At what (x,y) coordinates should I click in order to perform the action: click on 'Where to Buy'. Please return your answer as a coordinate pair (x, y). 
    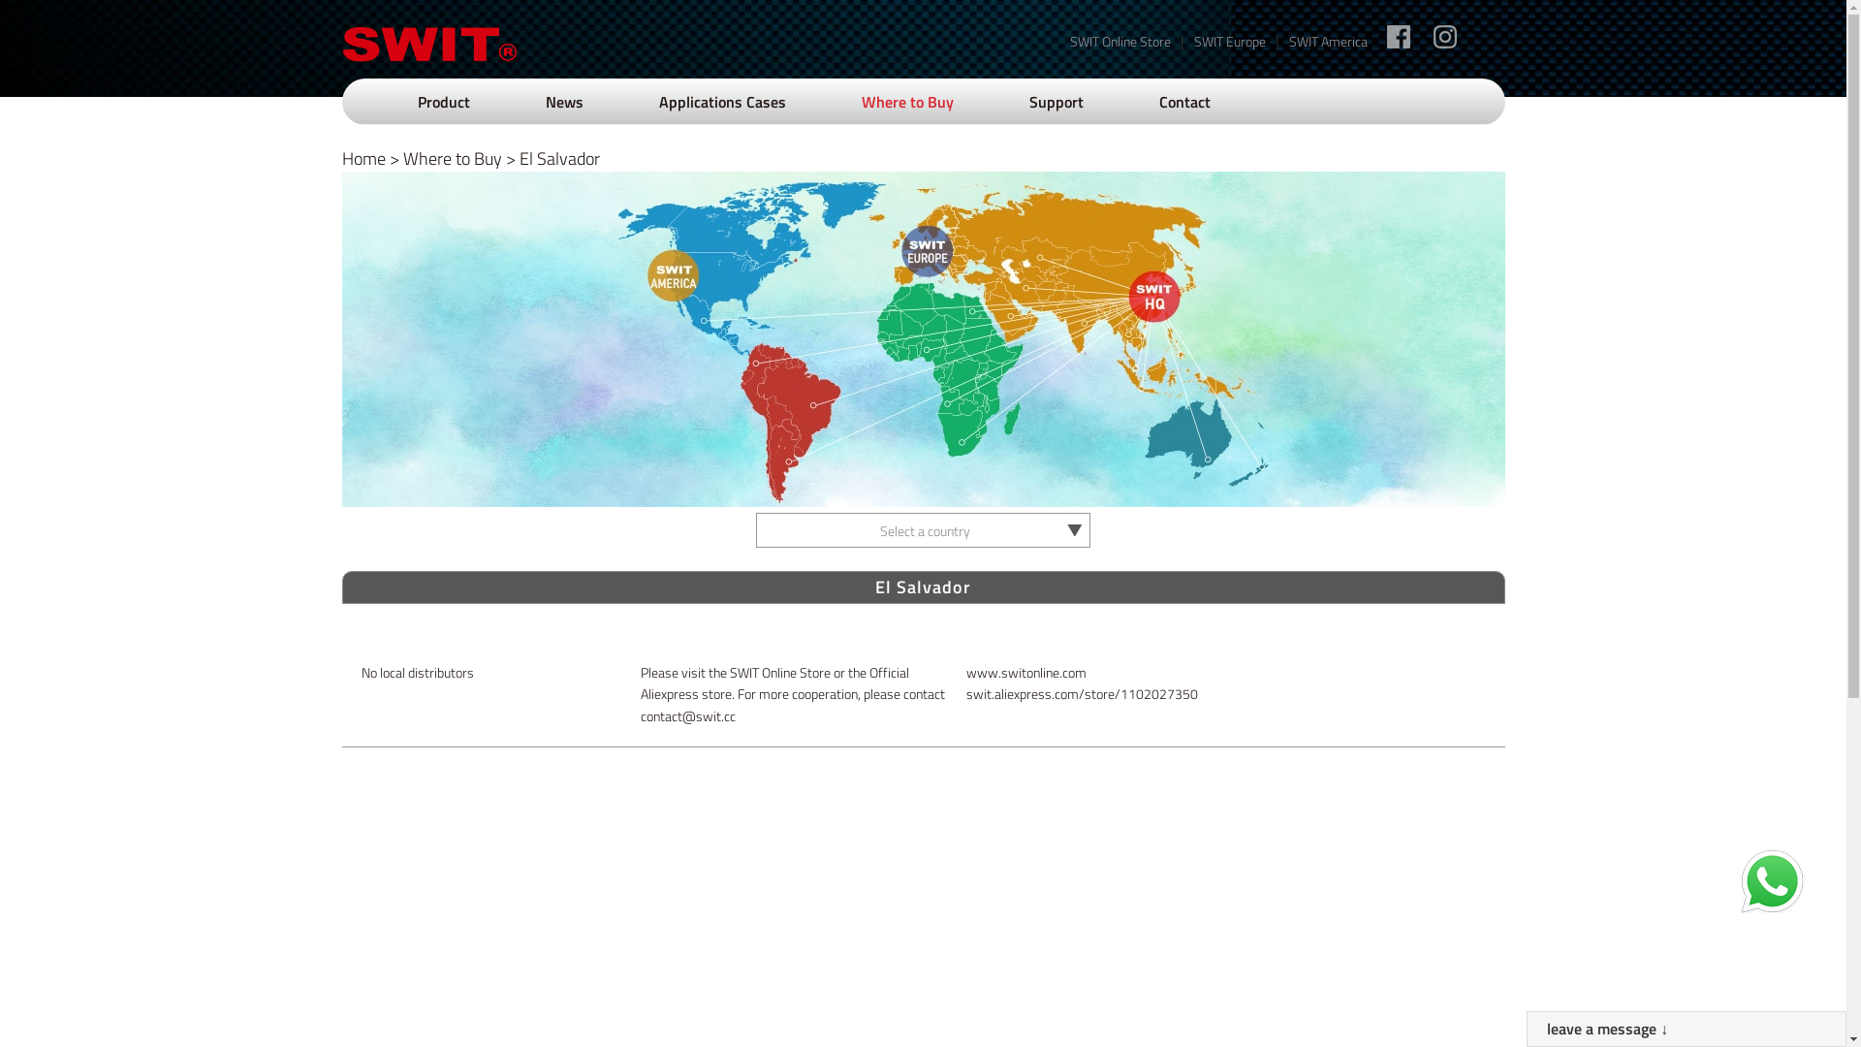
    Looking at the image, I should click on (451, 157).